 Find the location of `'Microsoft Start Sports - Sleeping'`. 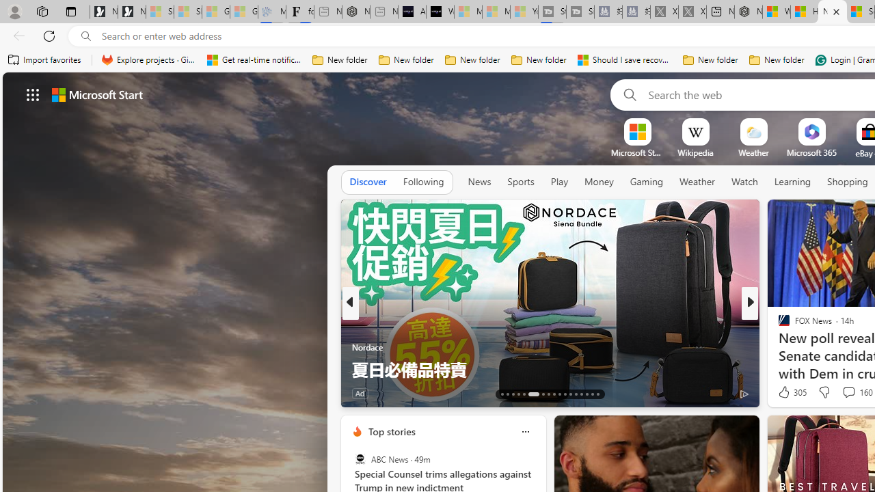

'Microsoft Start Sports - Sleeping' is located at coordinates (468, 12).